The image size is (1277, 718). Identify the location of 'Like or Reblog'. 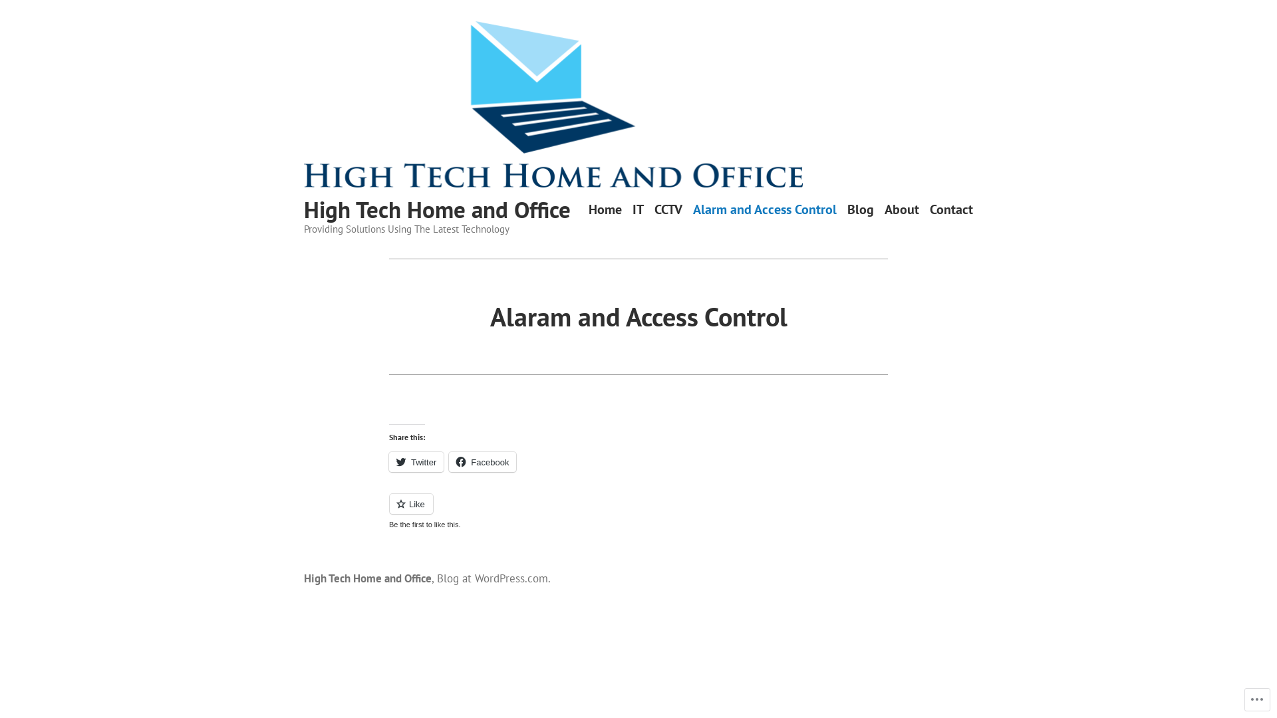
(388, 511).